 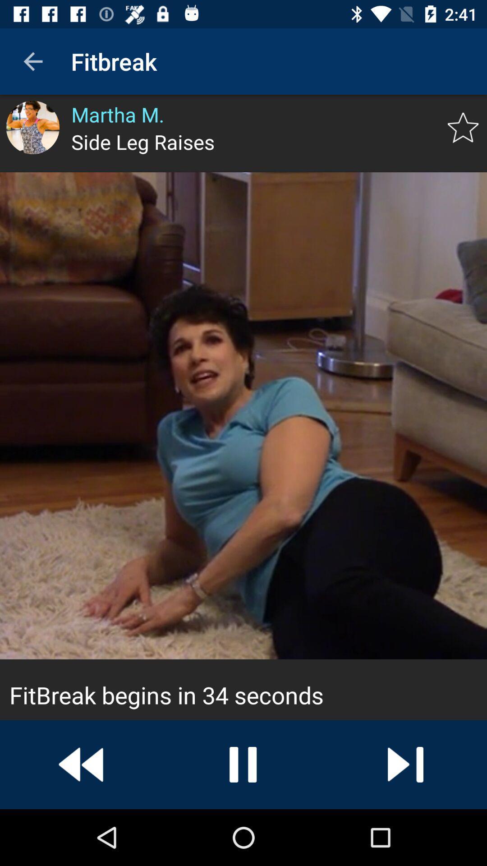 What do you see at coordinates (243, 764) in the screenshot?
I see `pause video` at bounding box center [243, 764].